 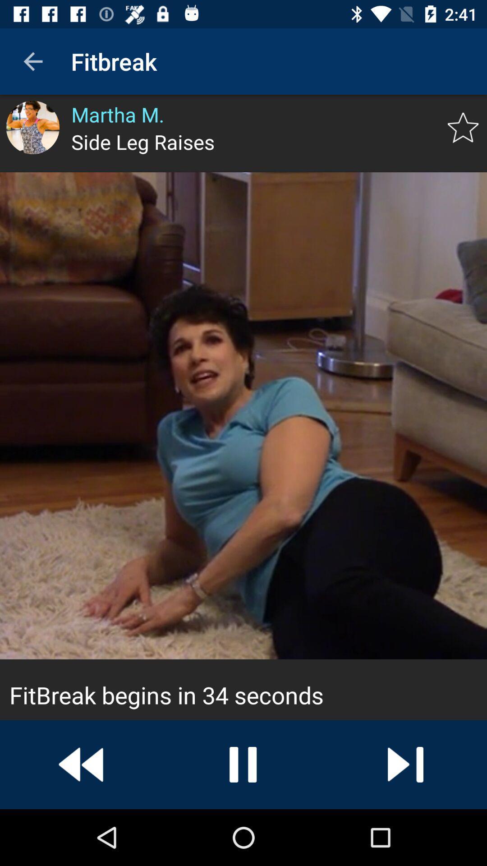 What do you see at coordinates (243, 764) in the screenshot?
I see `pause video` at bounding box center [243, 764].